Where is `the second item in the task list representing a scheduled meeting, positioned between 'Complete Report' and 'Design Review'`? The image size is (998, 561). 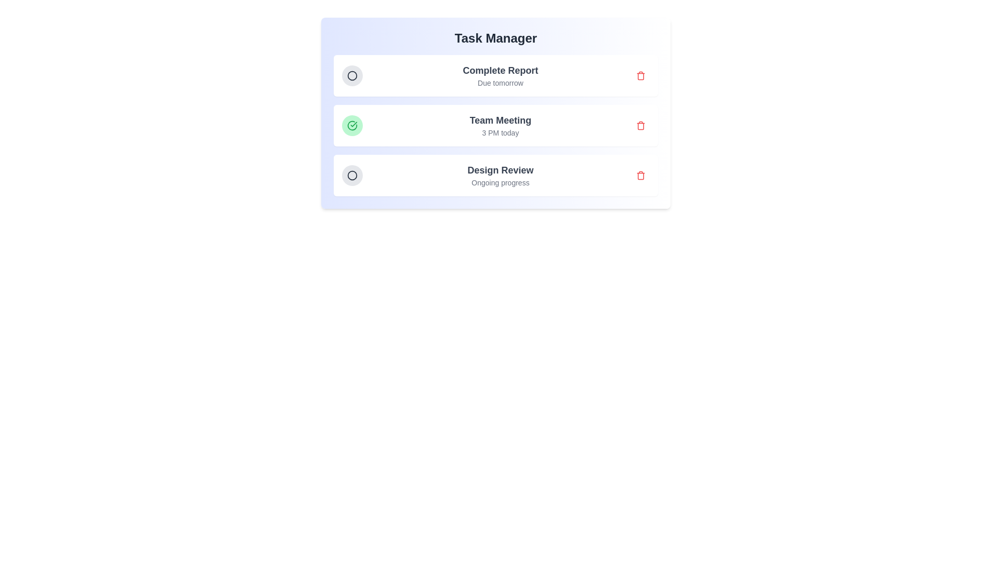 the second item in the task list representing a scheduled meeting, positioned between 'Complete Report' and 'Design Review' is located at coordinates (495, 125).